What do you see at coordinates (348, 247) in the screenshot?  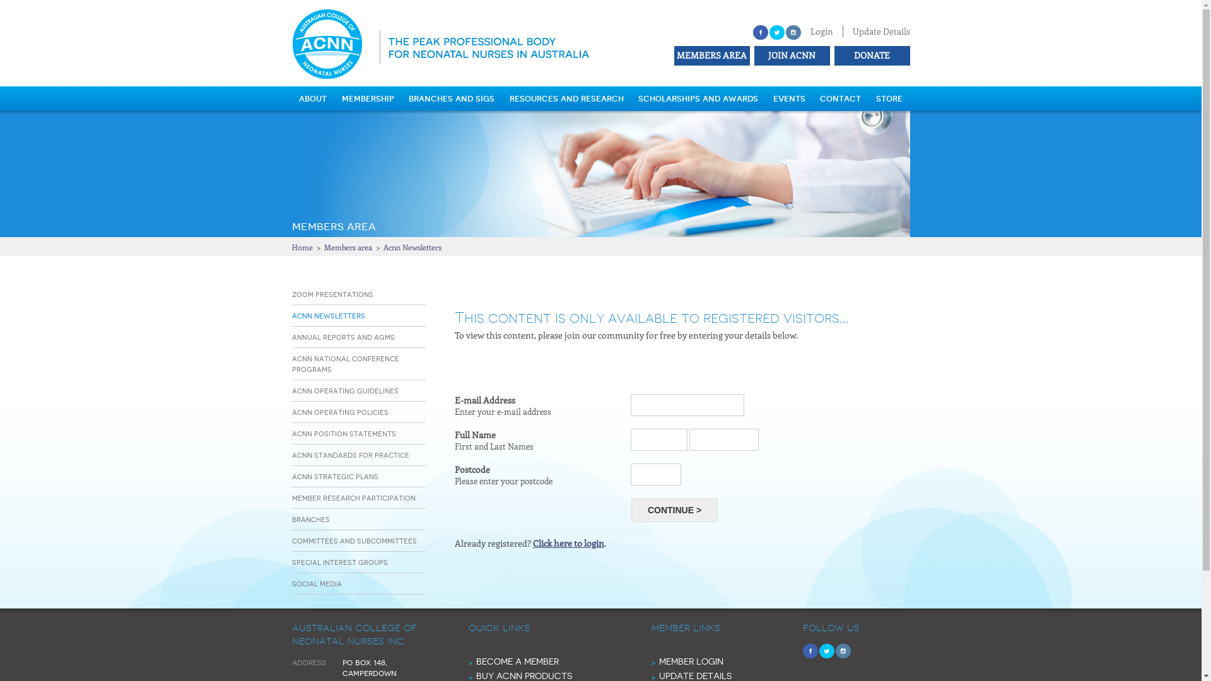 I see `'Members area'` at bounding box center [348, 247].